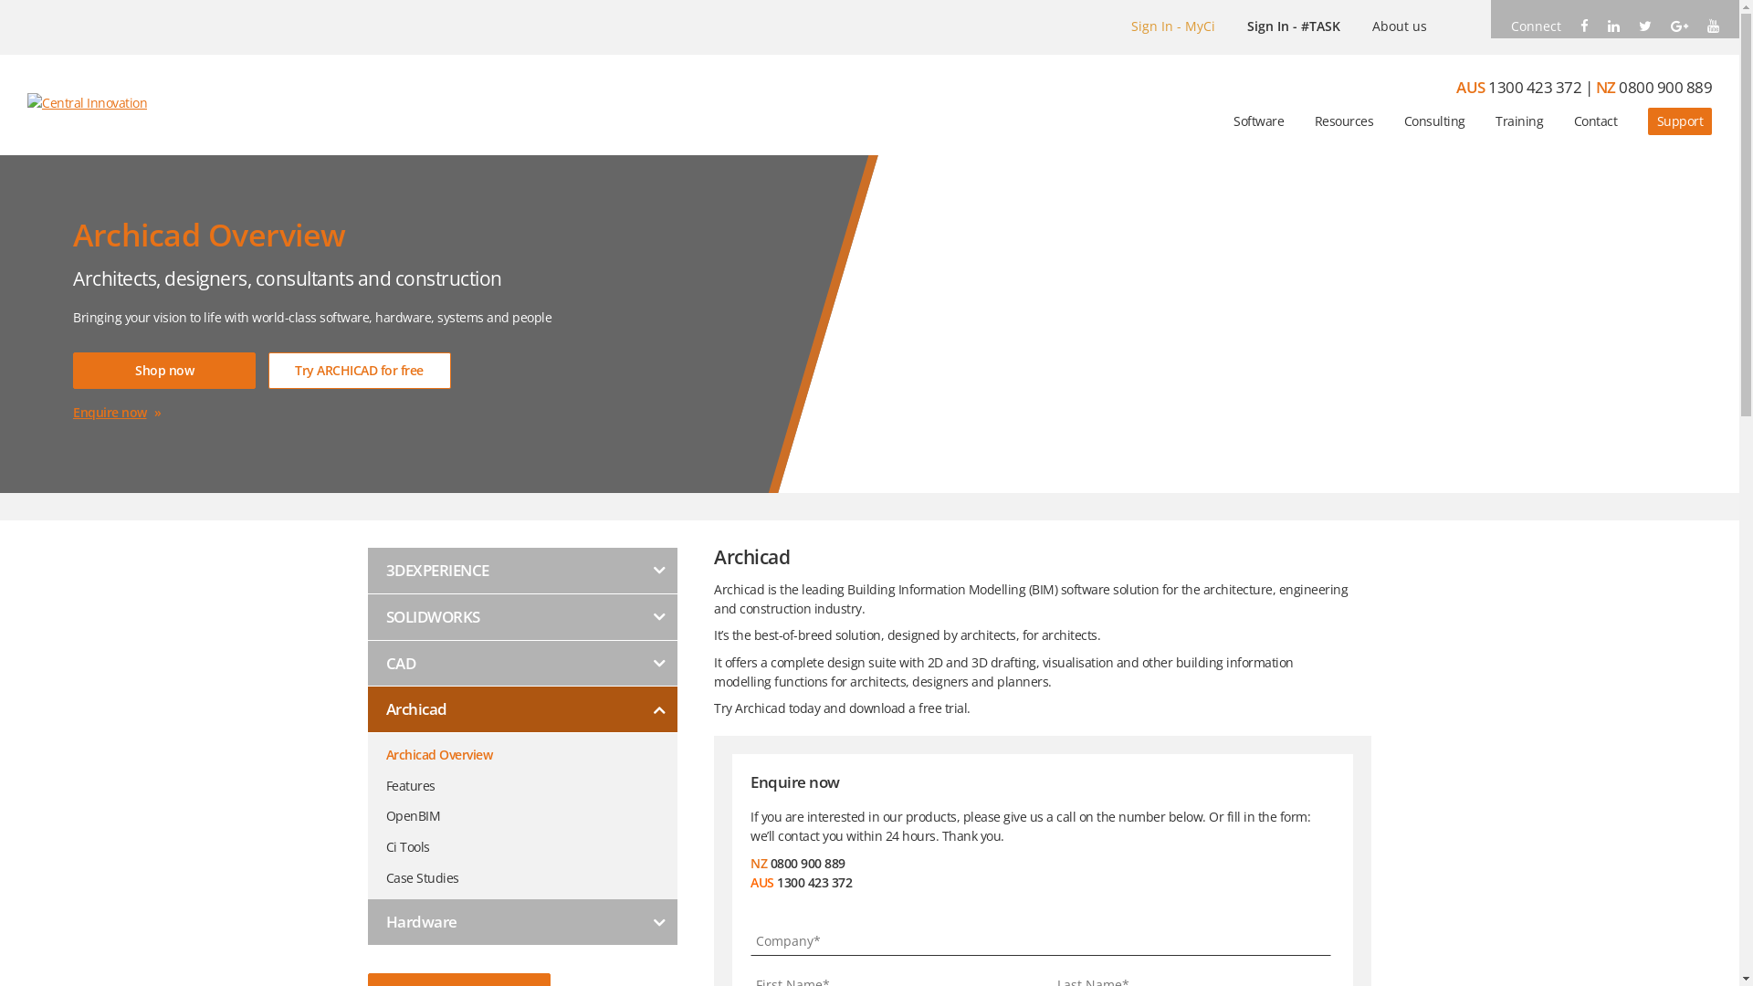  Describe the element at coordinates (520, 570) in the screenshot. I see `'3DEXPERIENCE'` at that location.